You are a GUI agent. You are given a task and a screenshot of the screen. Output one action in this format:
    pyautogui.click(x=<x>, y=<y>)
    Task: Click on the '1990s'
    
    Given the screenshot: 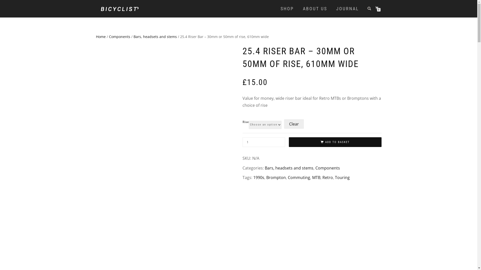 What is the action you would take?
    pyautogui.click(x=259, y=177)
    